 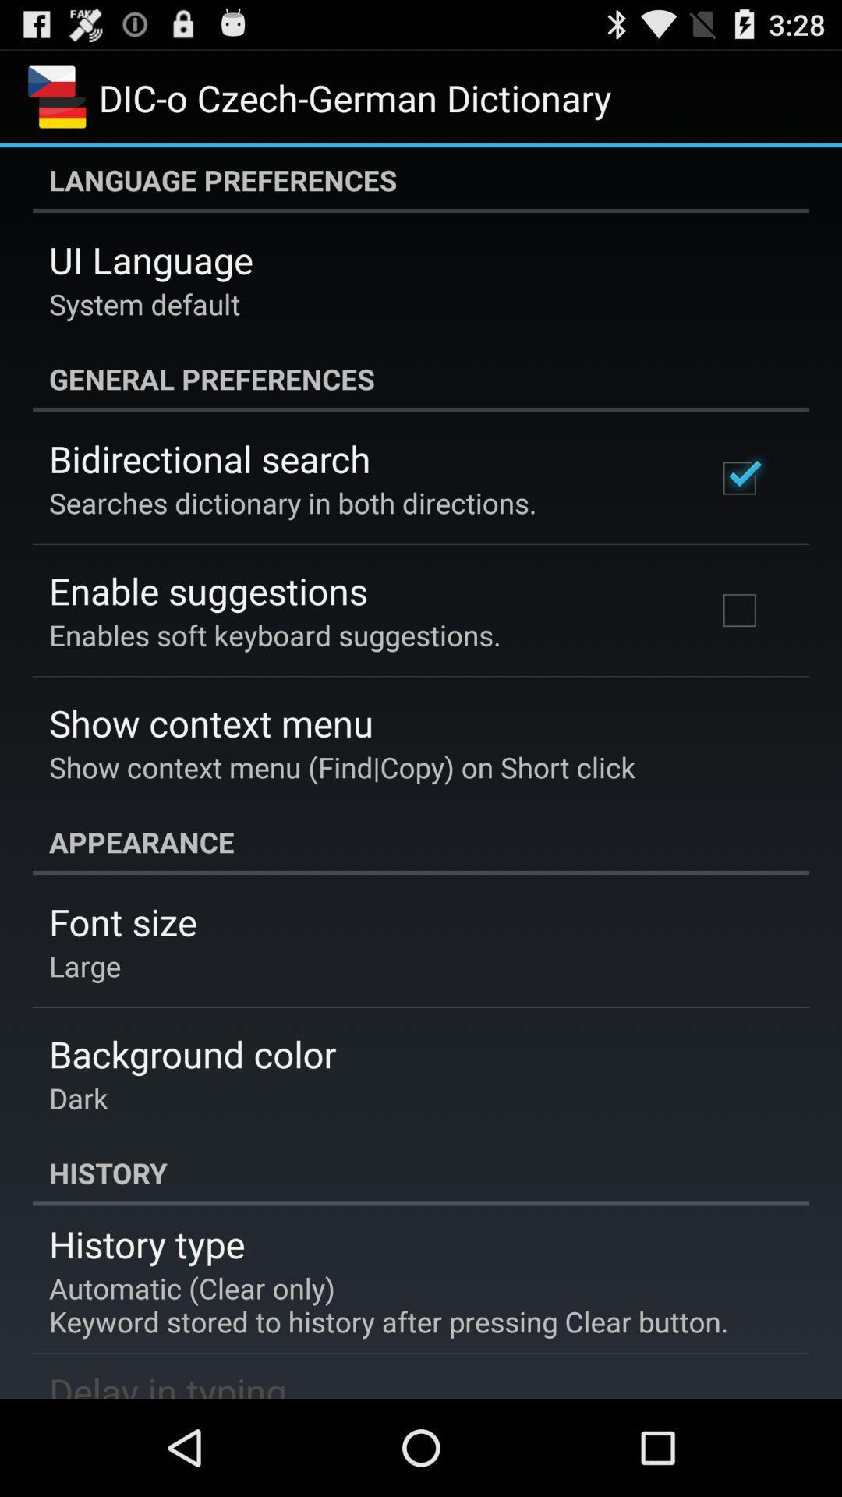 I want to click on the app below the enable suggestions app, so click(x=274, y=635).